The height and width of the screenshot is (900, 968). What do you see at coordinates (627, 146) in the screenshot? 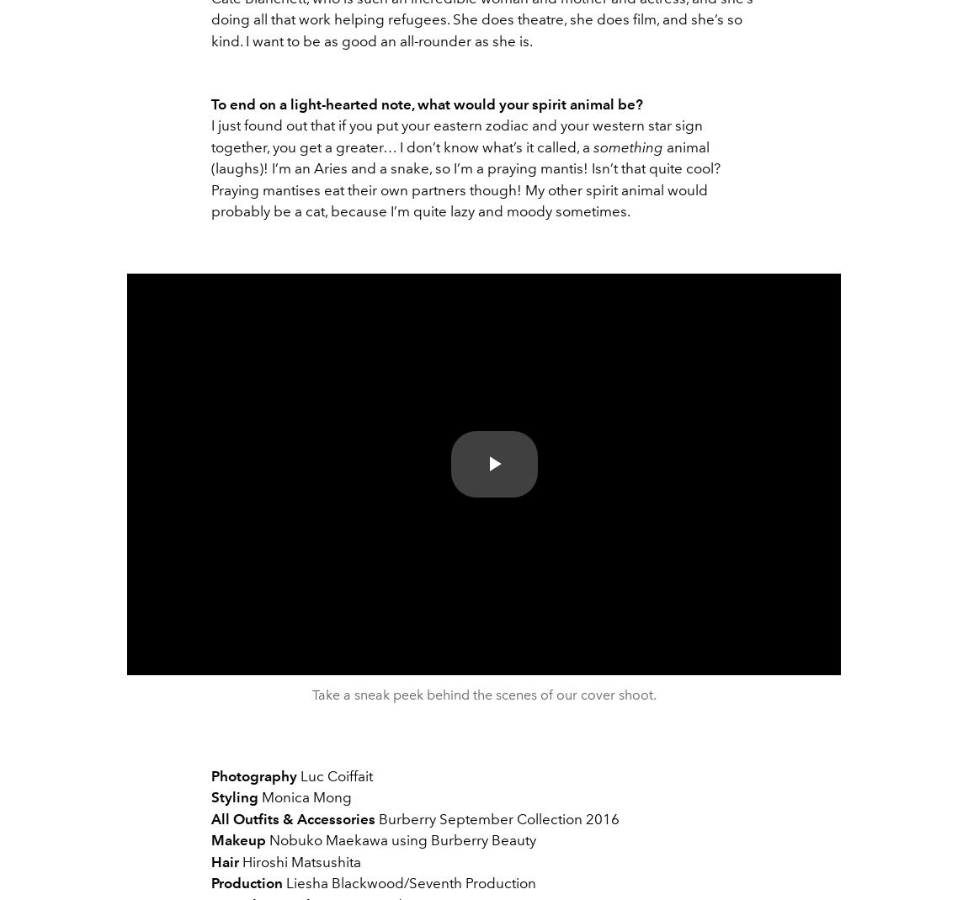
I see `'something'` at bounding box center [627, 146].